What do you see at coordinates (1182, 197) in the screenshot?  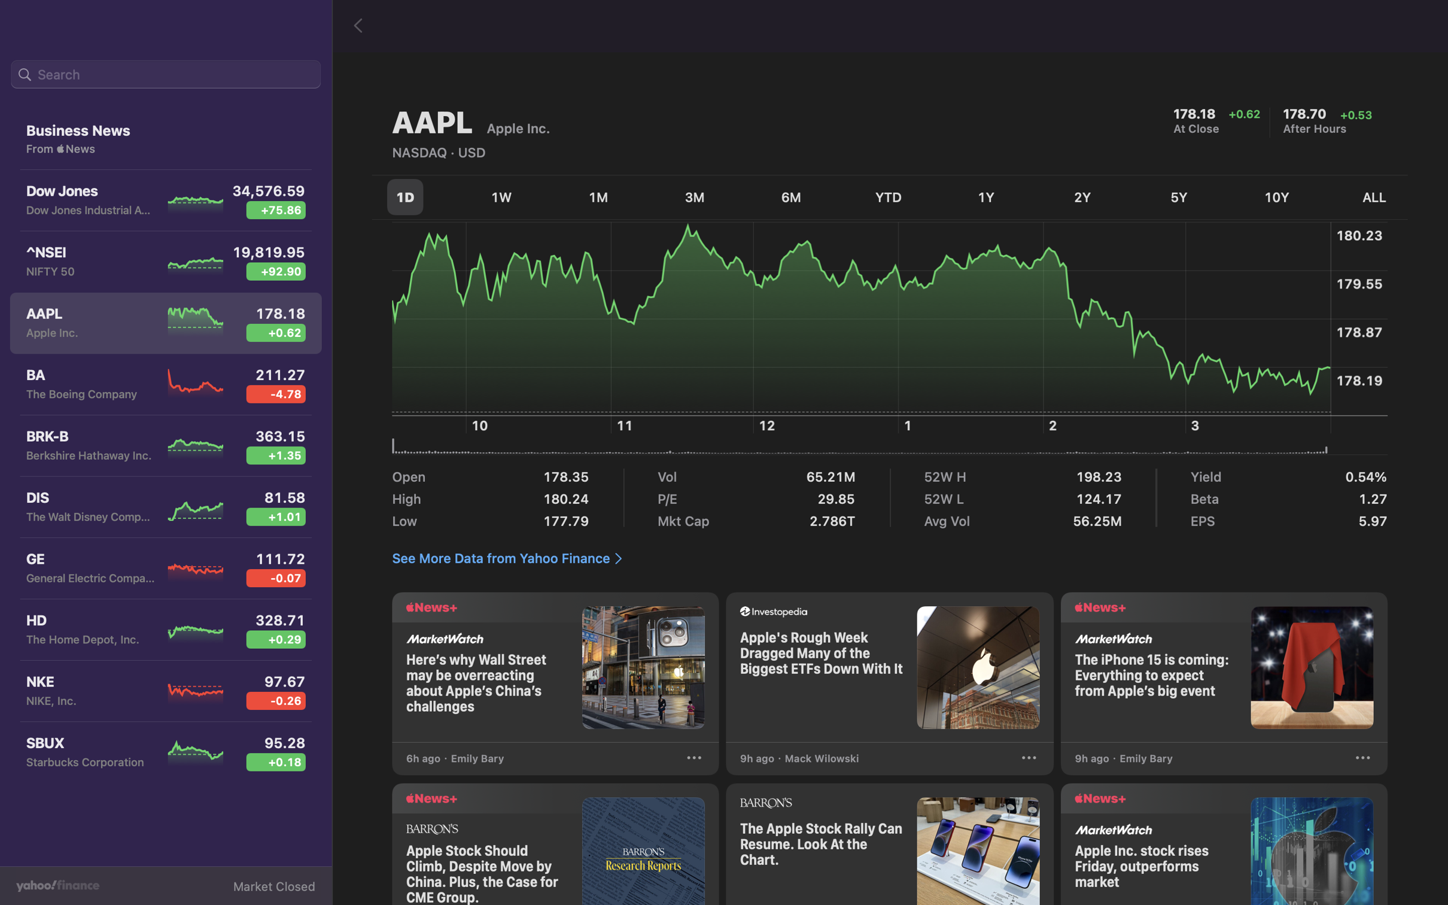 I see `Check the stock change for the past 5 years` at bounding box center [1182, 197].